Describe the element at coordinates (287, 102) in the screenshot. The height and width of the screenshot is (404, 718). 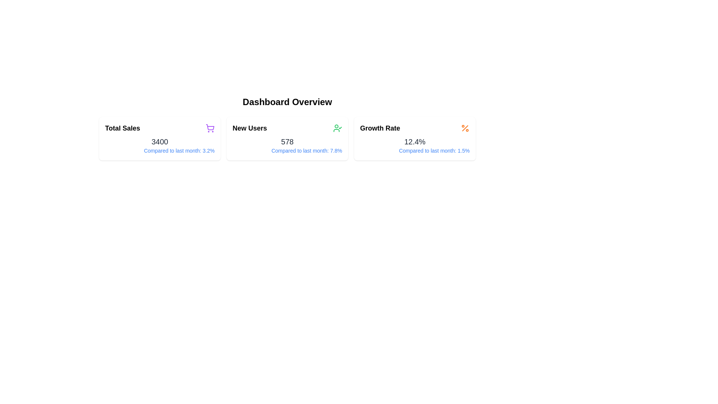
I see `the Text Label that serves as the header for the dashboard section, which is centrally located above the sections labeled 'Total Sales', 'New Users', and 'Growth Rate'` at that location.